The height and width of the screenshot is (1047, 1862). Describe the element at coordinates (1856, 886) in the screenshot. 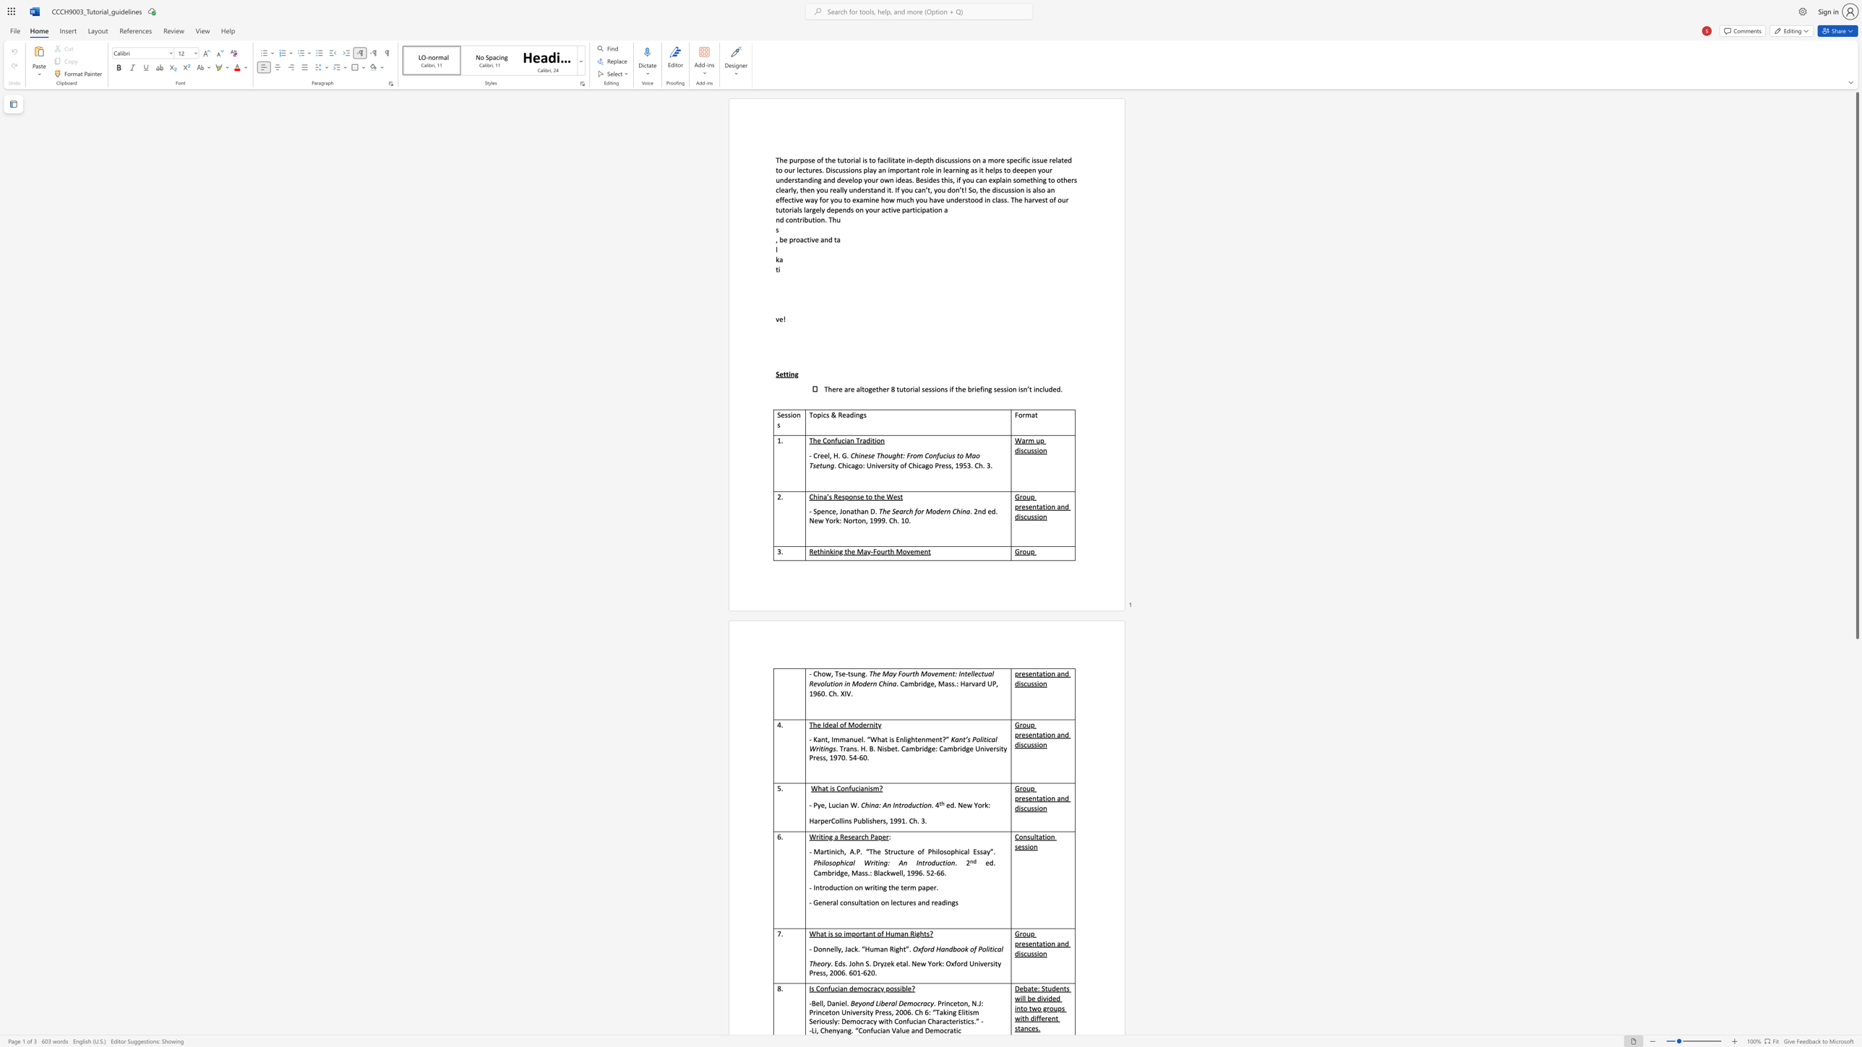

I see `the scrollbar to adjust the page downward` at that location.